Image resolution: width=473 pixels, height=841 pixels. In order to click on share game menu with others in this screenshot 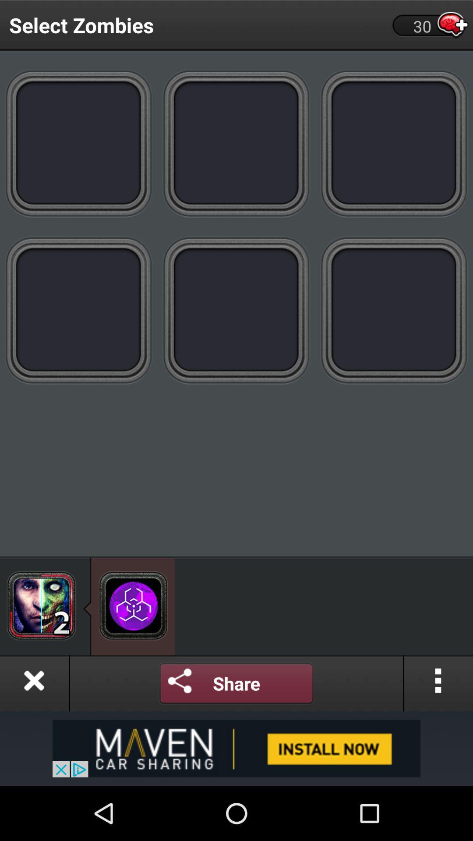, I will do `click(236, 683)`.